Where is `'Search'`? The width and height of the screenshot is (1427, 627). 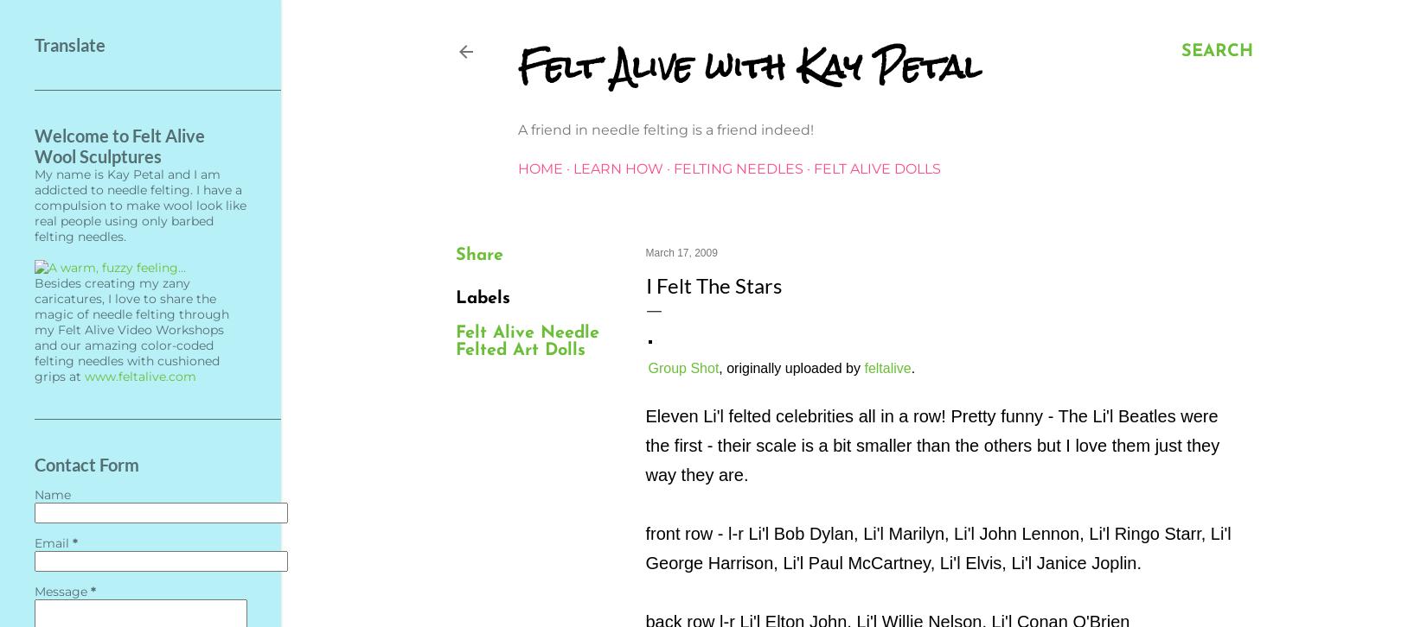 'Search' is located at coordinates (1215, 51).